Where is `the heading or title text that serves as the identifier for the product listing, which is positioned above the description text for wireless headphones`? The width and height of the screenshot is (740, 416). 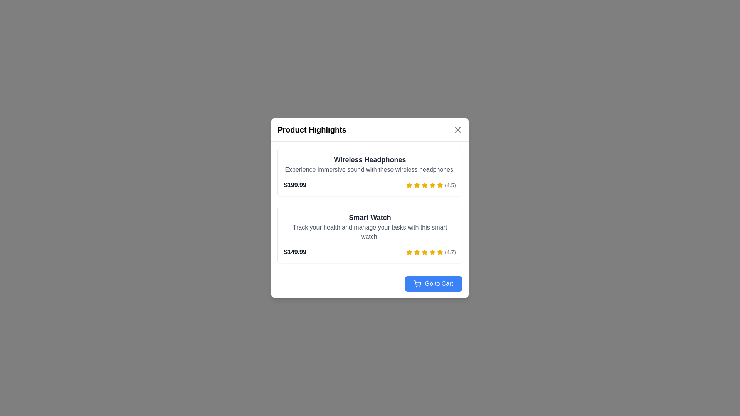 the heading or title text that serves as the identifier for the product listing, which is positioned above the description text for wireless headphones is located at coordinates (370, 159).